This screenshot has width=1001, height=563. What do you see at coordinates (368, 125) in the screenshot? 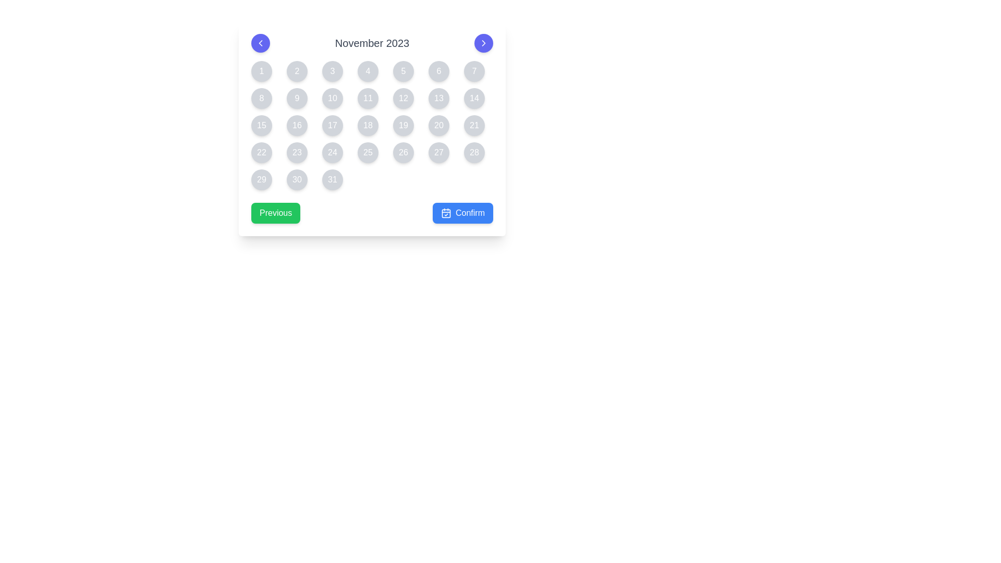
I see `the circular button displaying the number '18' within the calendar interface` at bounding box center [368, 125].